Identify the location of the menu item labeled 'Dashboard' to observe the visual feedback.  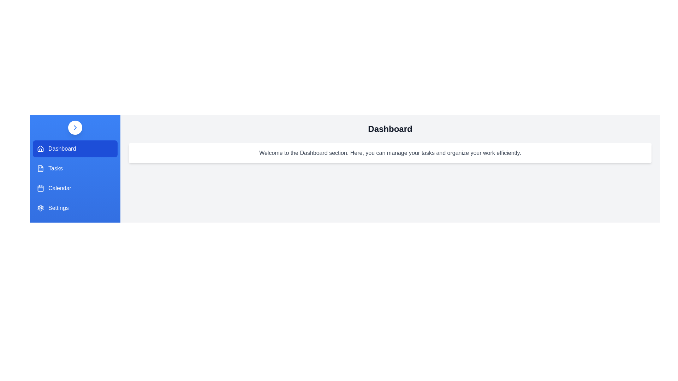
(75, 148).